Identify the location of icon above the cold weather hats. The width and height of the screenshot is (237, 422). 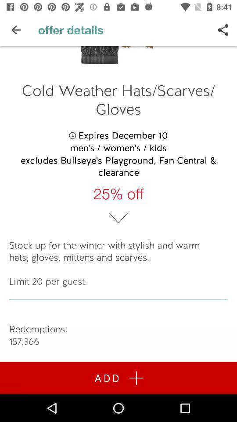
(223, 30).